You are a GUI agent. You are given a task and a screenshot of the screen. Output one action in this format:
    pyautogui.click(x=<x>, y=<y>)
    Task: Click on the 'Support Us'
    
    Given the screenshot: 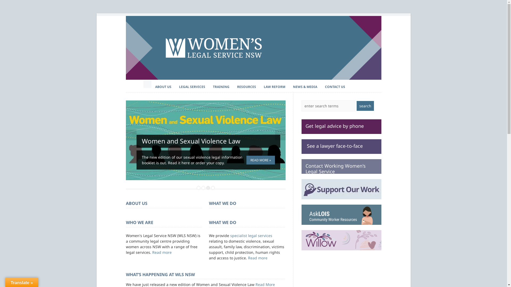 What is the action you would take?
    pyautogui.click(x=341, y=189)
    